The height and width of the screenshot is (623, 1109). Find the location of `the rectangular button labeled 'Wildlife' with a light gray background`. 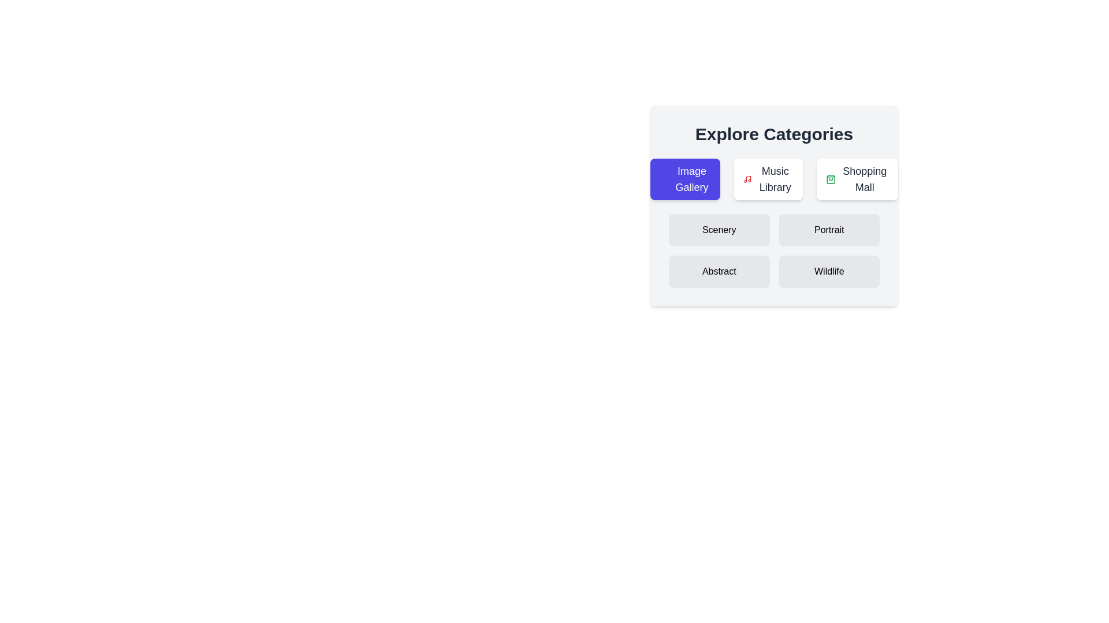

the rectangular button labeled 'Wildlife' with a light gray background is located at coordinates (828, 271).